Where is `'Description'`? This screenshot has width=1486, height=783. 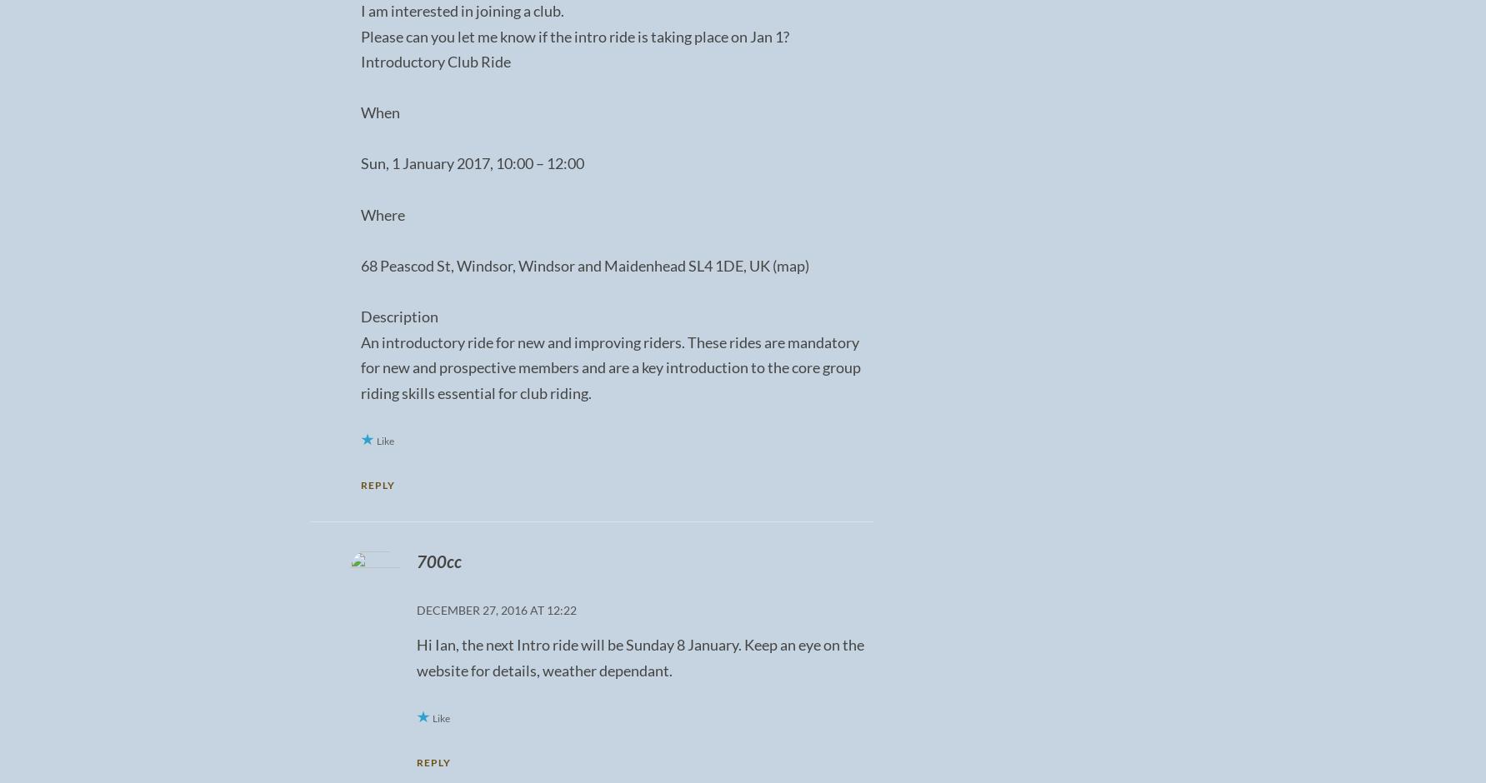
'Description' is located at coordinates (398, 316).